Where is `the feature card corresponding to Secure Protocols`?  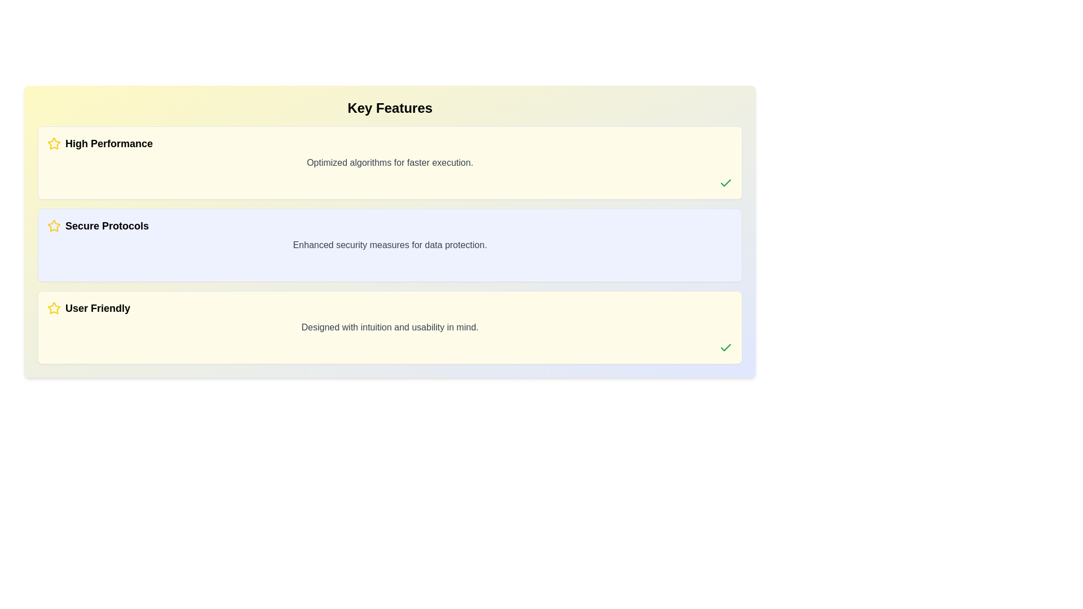
the feature card corresponding to Secure Protocols is located at coordinates (390, 245).